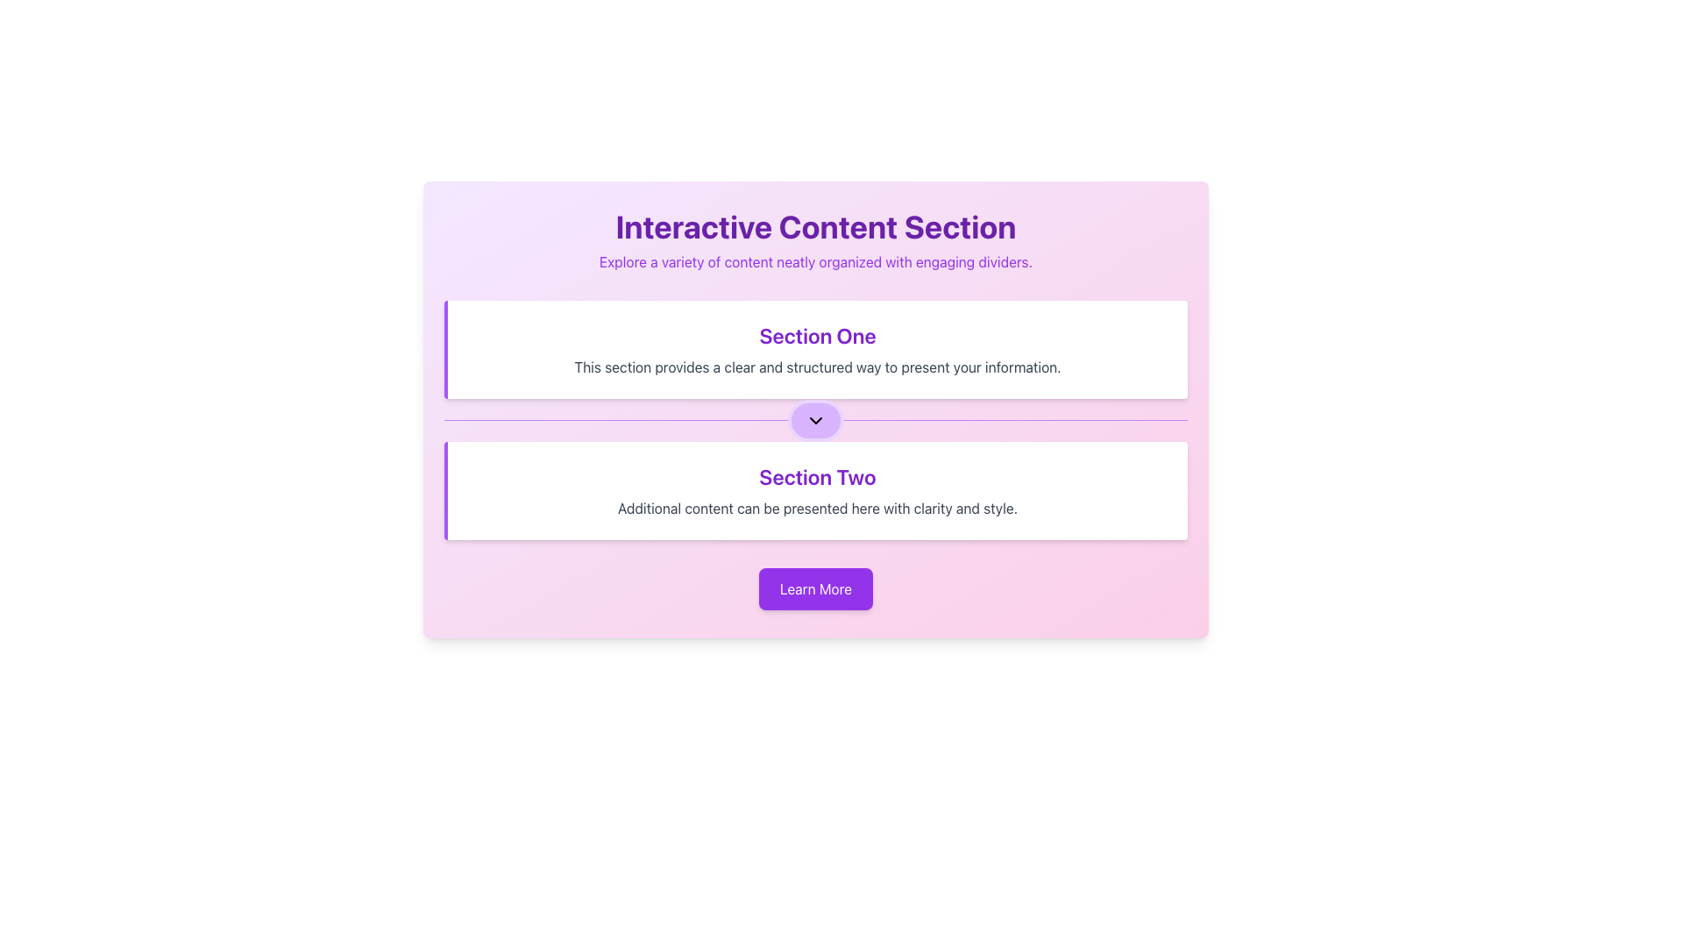  Describe the element at coordinates (816, 335) in the screenshot. I see `text from the header labeled 'Section One', which is styled in bold and large purple font` at that location.